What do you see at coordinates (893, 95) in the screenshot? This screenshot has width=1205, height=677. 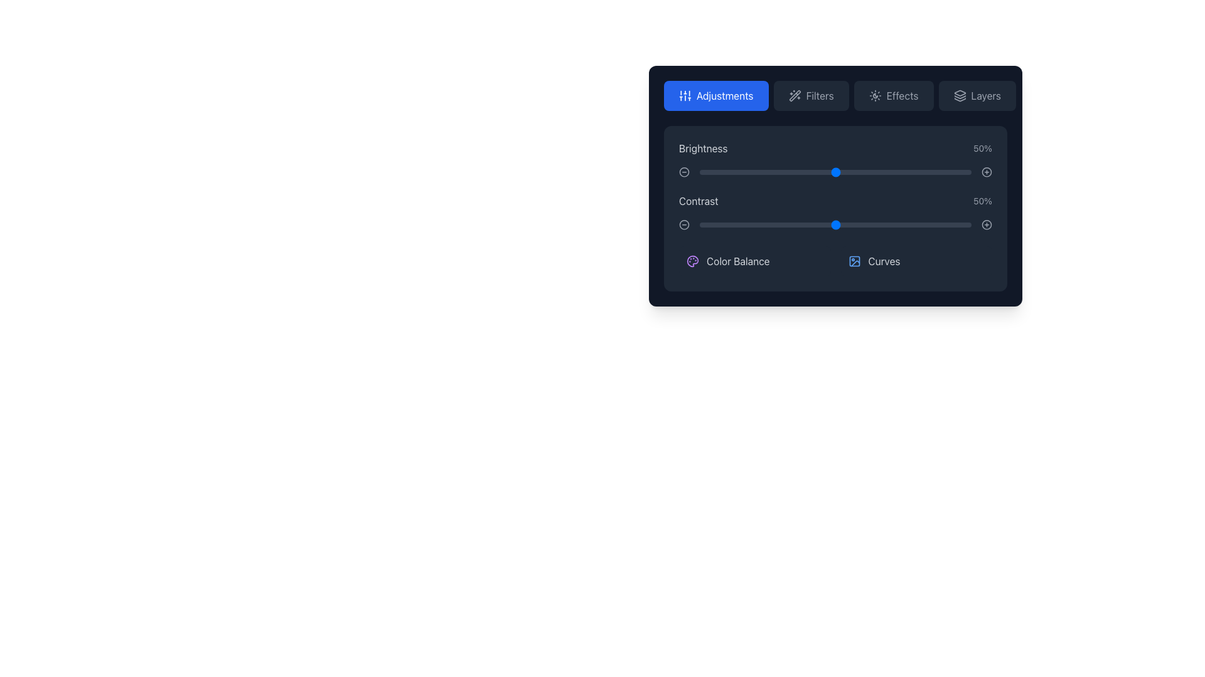 I see `the 'Effects' button, a rectangular button with a gray background and light gray text, located in the menu bar between 'Filters' and 'Layers'` at bounding box center [893, 95].